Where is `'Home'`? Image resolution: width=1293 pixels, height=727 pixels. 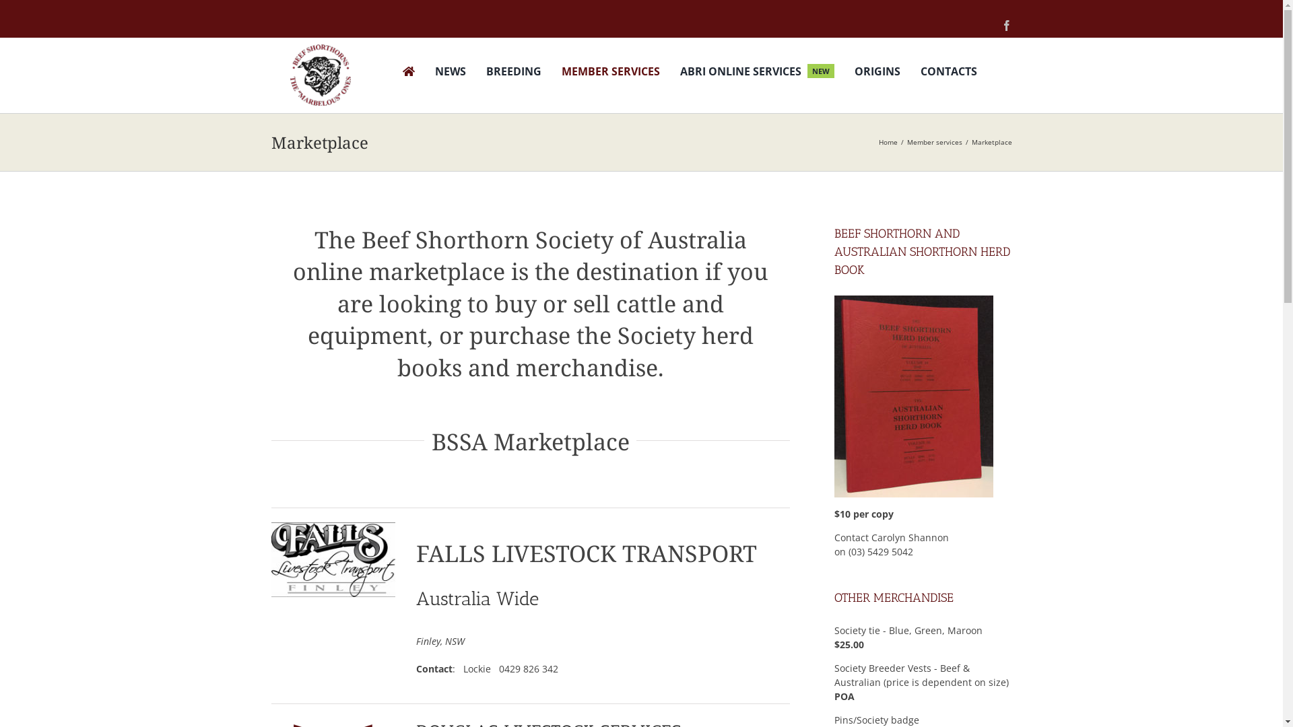
'Home' is located at coordinates (888, 142).